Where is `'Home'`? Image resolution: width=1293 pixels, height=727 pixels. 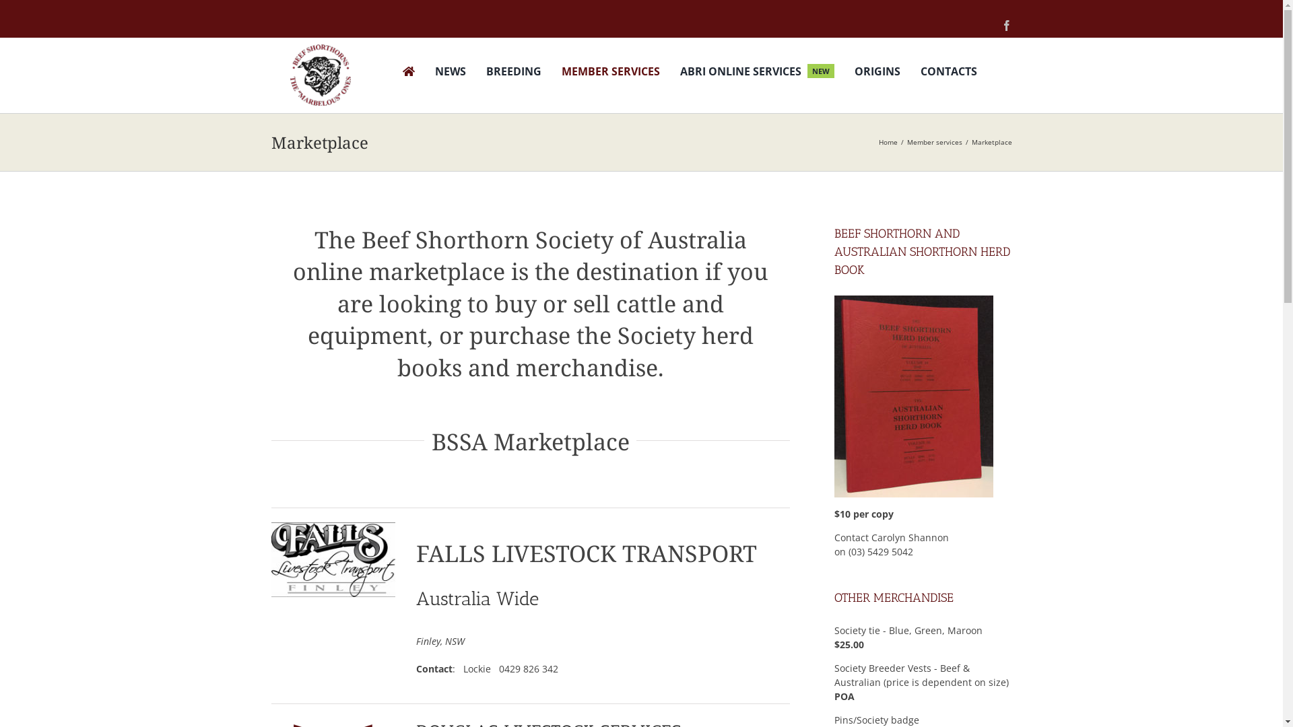
'Home' is located at coordinates (888, 142).